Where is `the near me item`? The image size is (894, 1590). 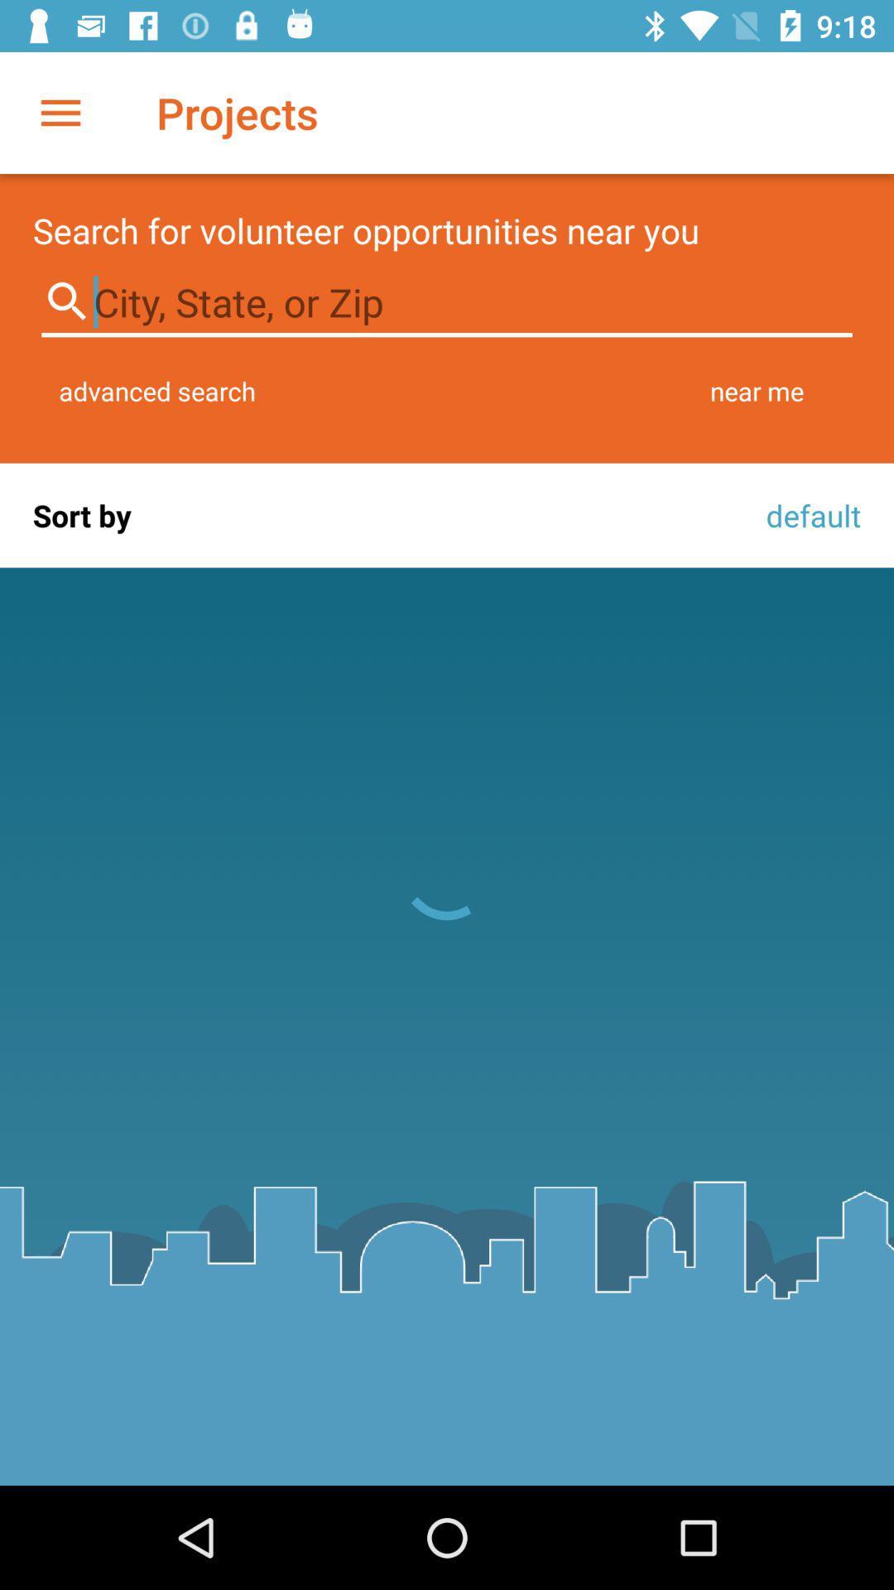 the near me item is located at coordinates (757, 390).